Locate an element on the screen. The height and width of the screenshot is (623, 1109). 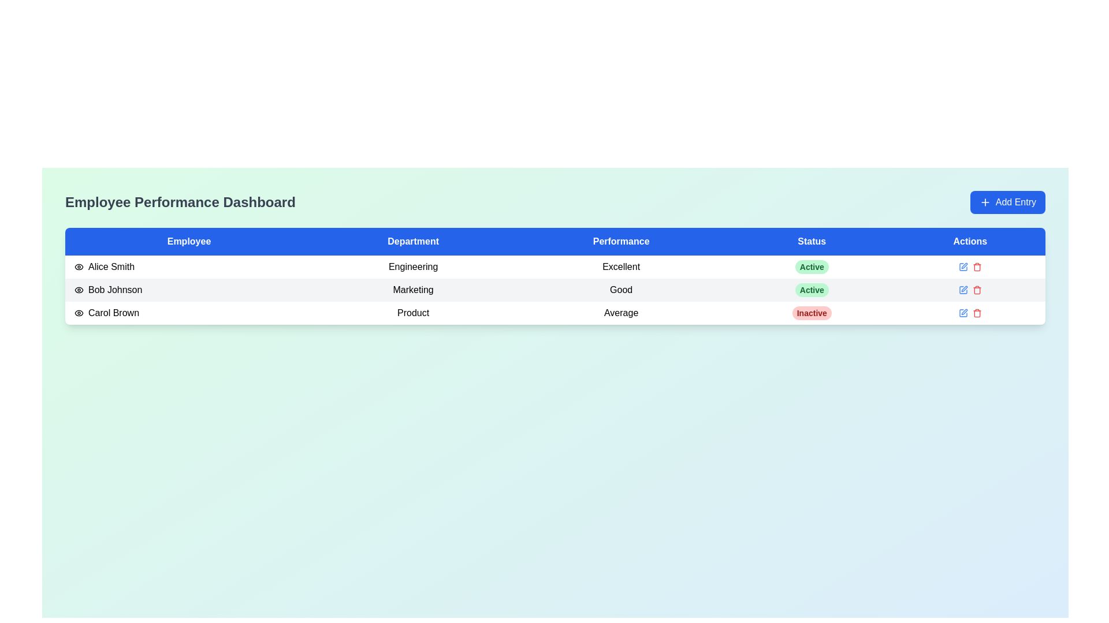
the leftmost icon in the 'Actions' column of the last row in the table to initiate an edit action is located at coordinates (962, 267).